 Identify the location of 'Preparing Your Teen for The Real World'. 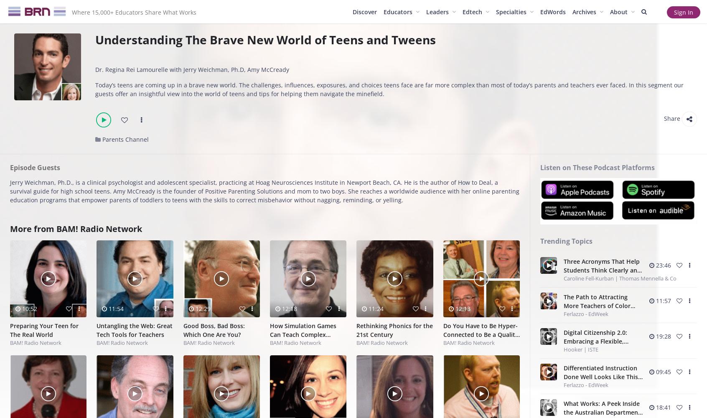
(44, 330).